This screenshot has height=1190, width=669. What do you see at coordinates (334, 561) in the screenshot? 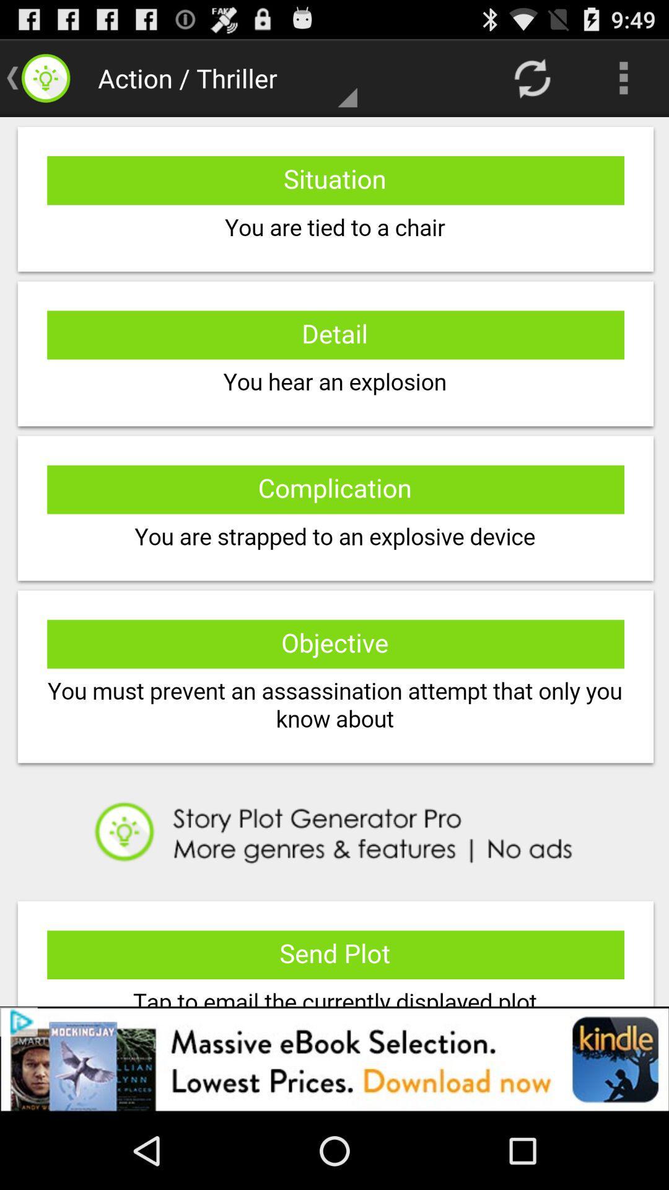
I see `story options menu` at bounding box center [334, 561].